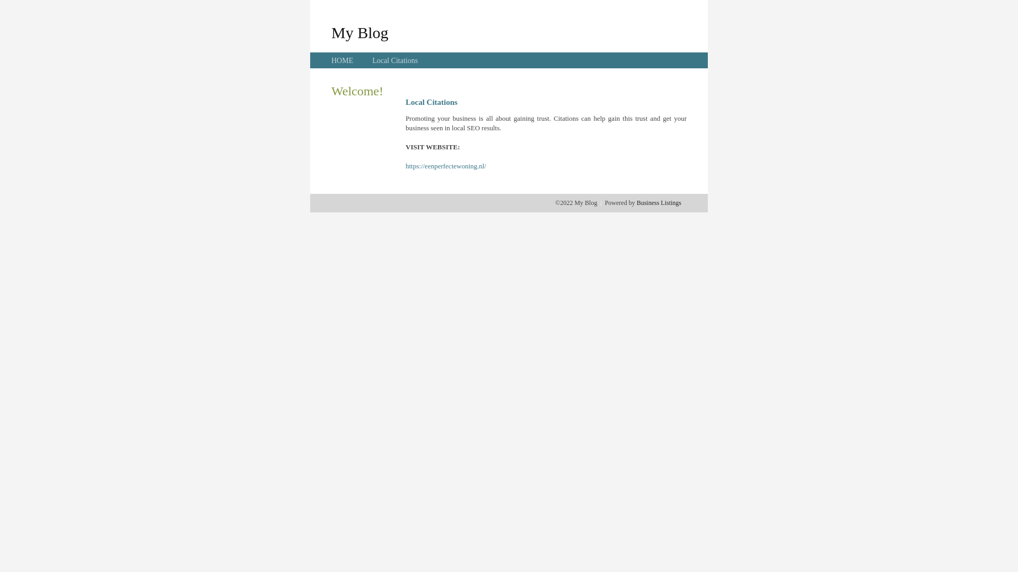 Image resolution: width=1018 pixels, height=572 pixels. What do you see at coordinates (659, 202) in the screenshot?
I see `'Business Listings'` at bounding box center [659, 202].